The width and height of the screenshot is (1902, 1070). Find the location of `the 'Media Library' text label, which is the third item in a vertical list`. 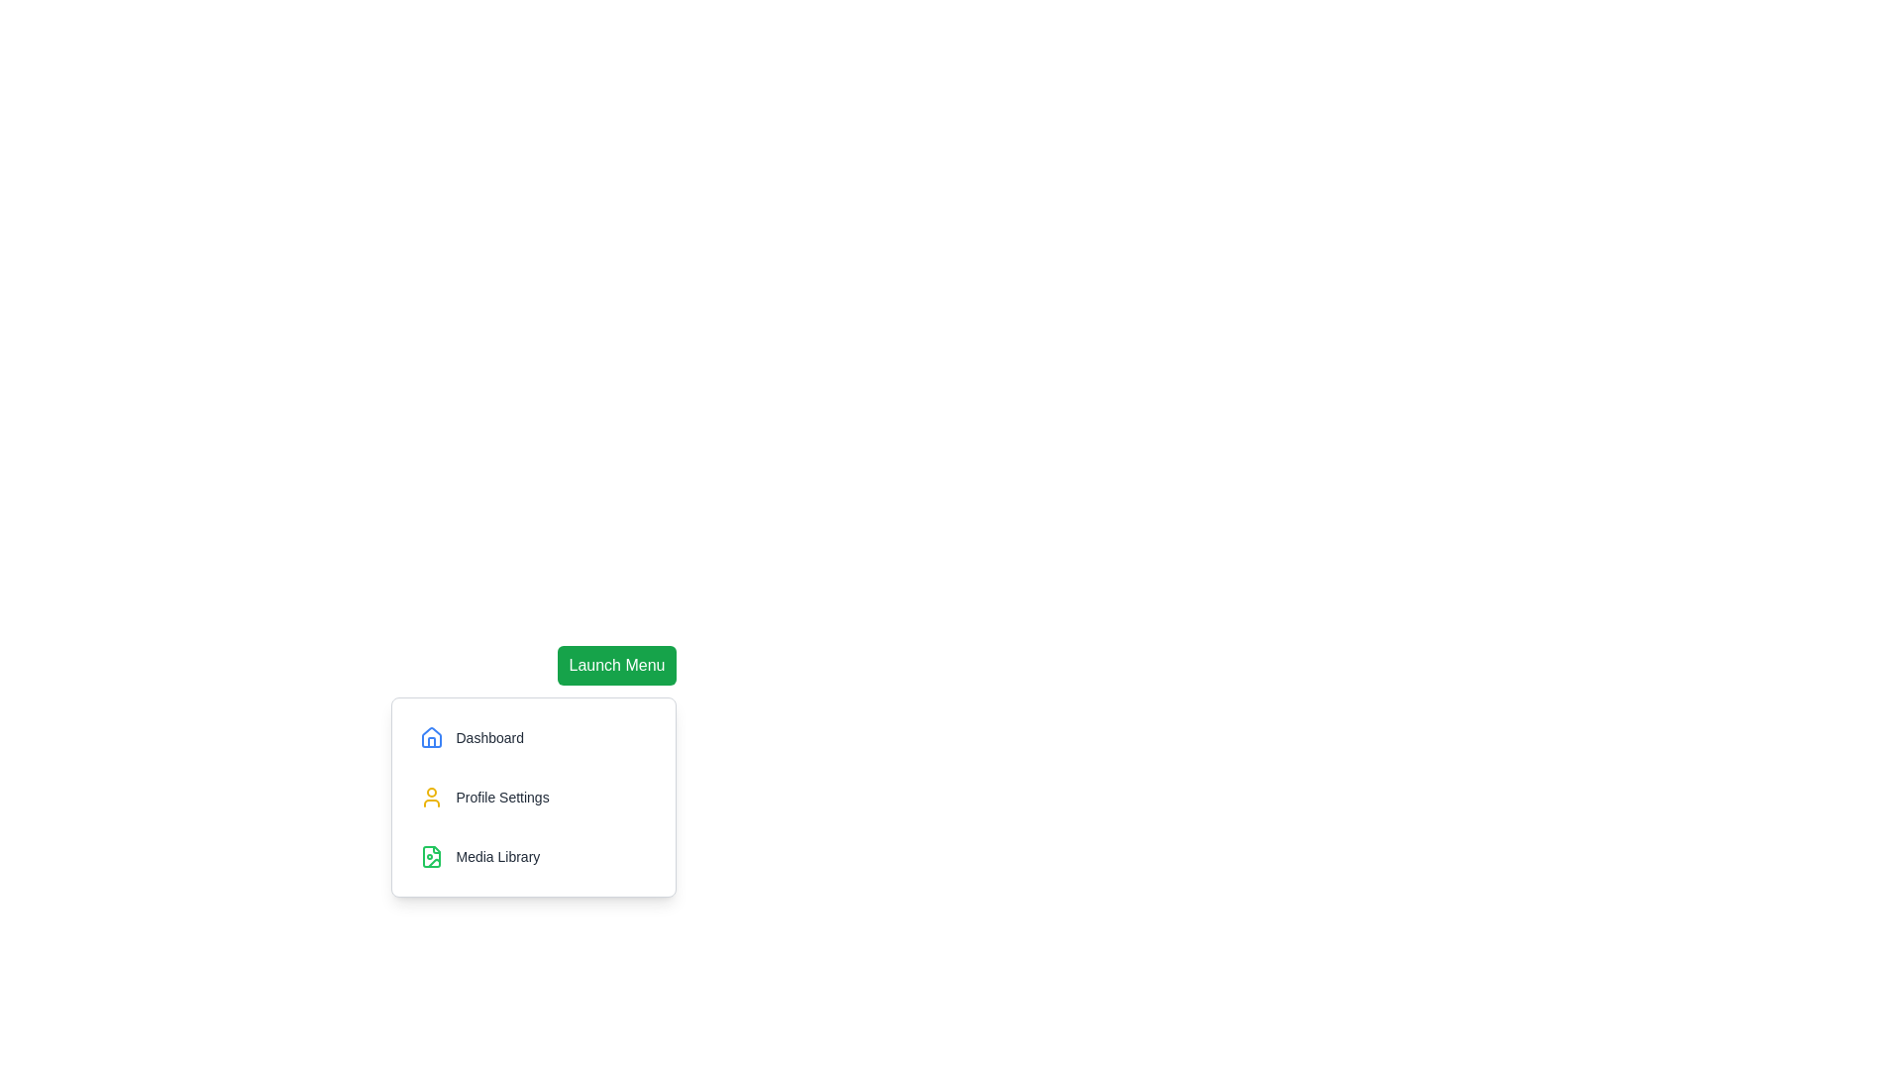

the 'Media Library' text label, which is the third item in a vertical list is located at coordinates (497, 855).